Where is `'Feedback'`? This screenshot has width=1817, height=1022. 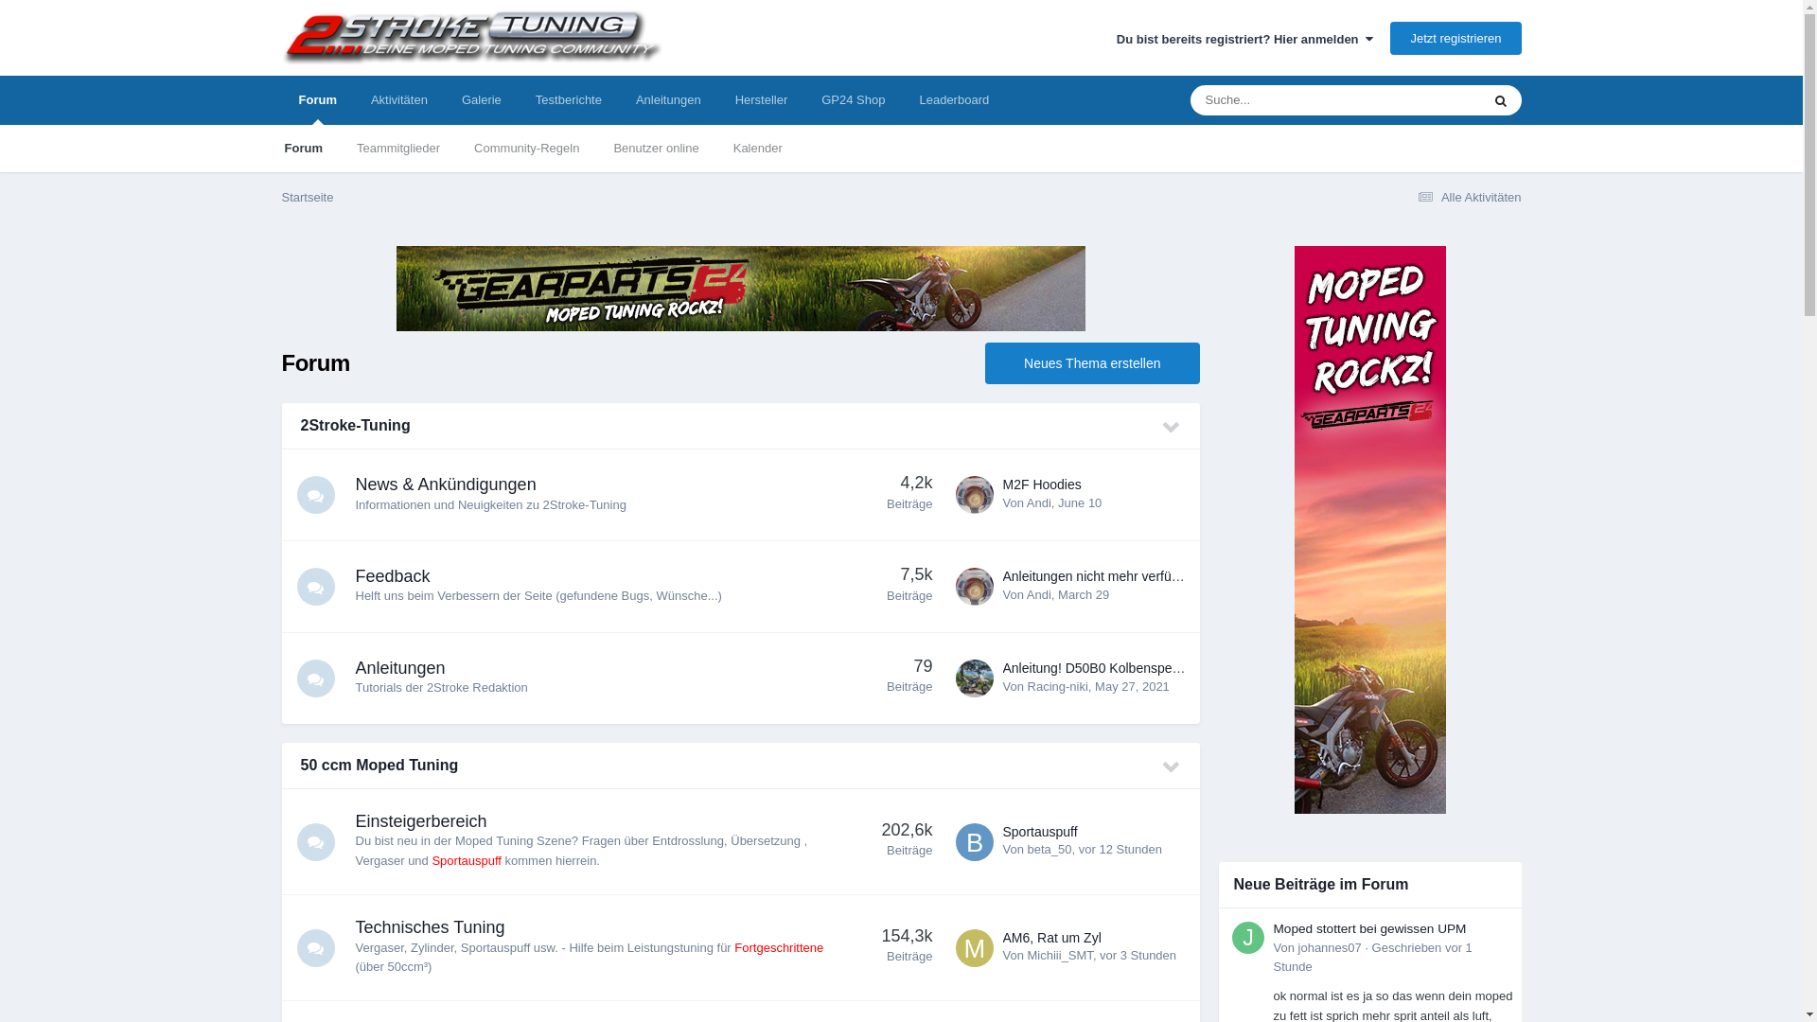
'Feedback' is located at coordinates (392, 575).